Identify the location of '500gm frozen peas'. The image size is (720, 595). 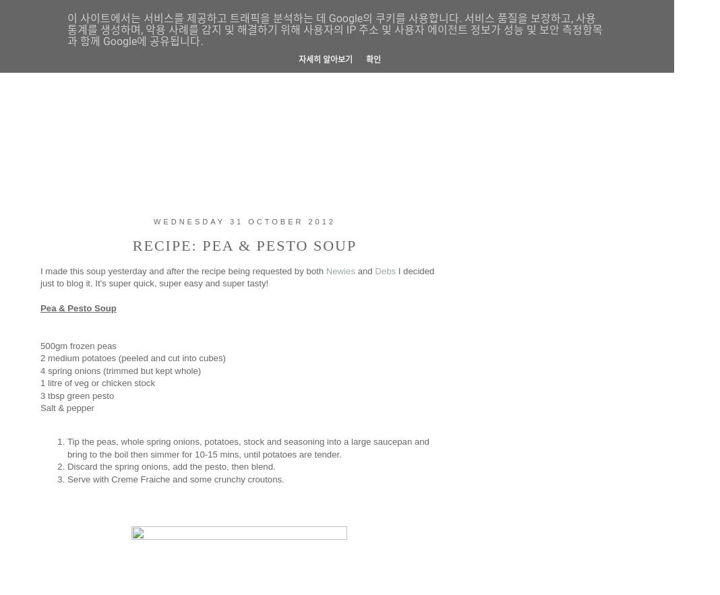
(77, 344).